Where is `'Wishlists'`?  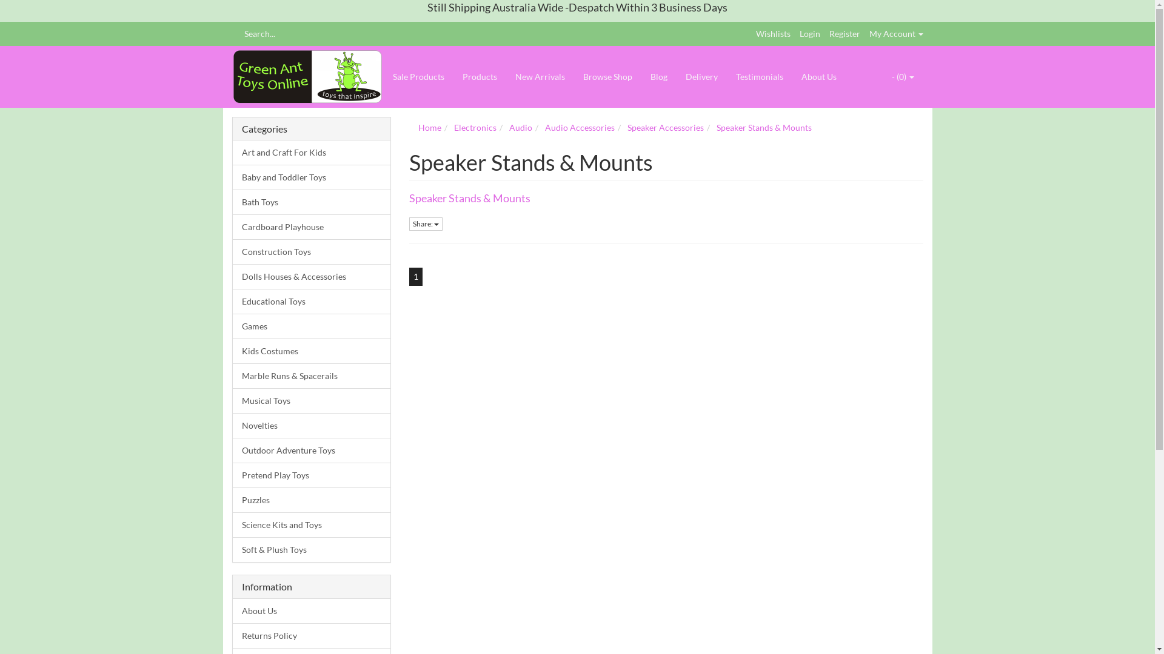
'Wishlists' is located at coordinates (772, 33).